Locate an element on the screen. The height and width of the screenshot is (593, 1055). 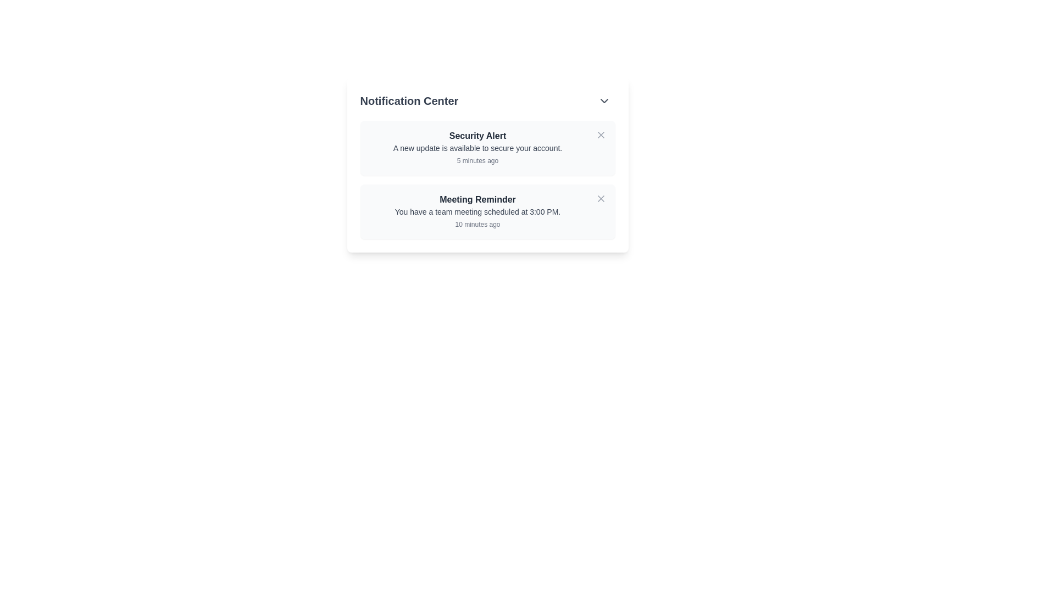
the close button located at the top-right corner of the 'Security Alert' notification block to observe its hover effect is located at coordinates (600, 135).